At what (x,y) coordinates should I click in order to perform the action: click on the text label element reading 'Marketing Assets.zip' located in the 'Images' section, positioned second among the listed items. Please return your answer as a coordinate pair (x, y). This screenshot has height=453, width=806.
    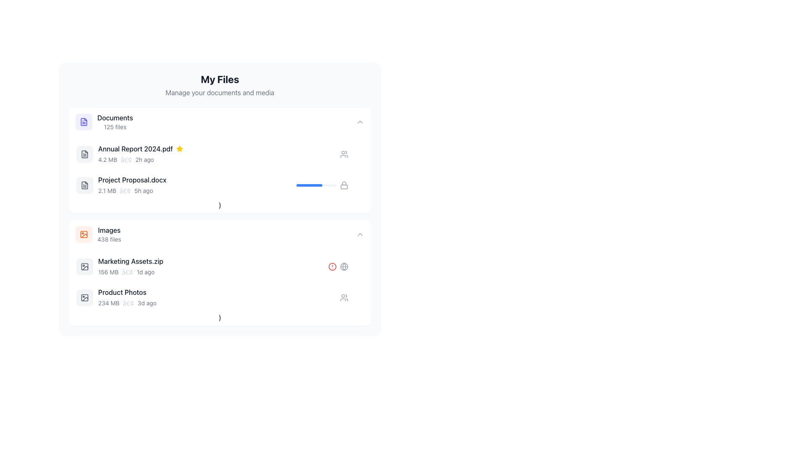
    Looking at the image, I should click on (130, 261).